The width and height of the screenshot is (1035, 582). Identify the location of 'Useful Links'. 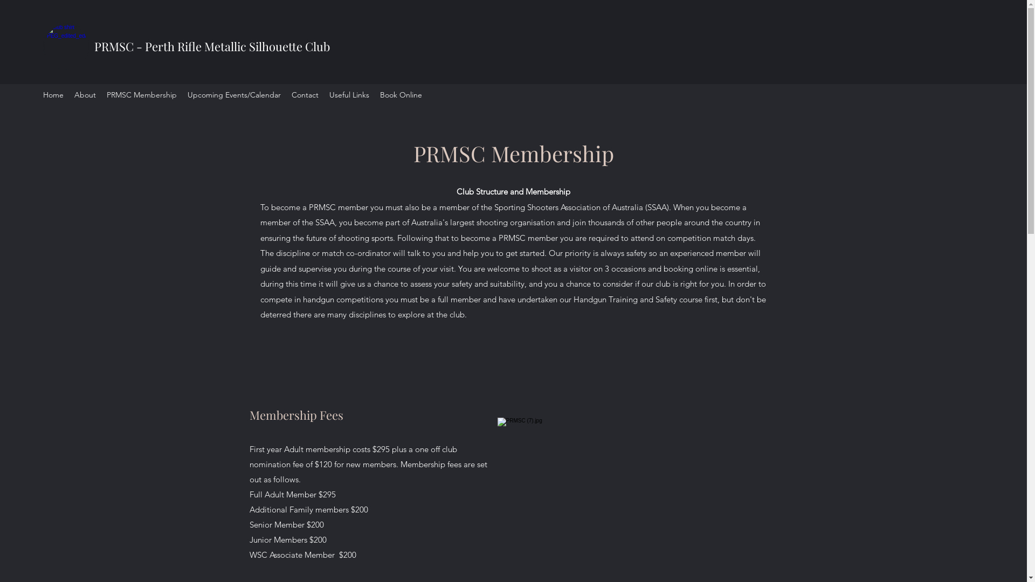
(349, 94).